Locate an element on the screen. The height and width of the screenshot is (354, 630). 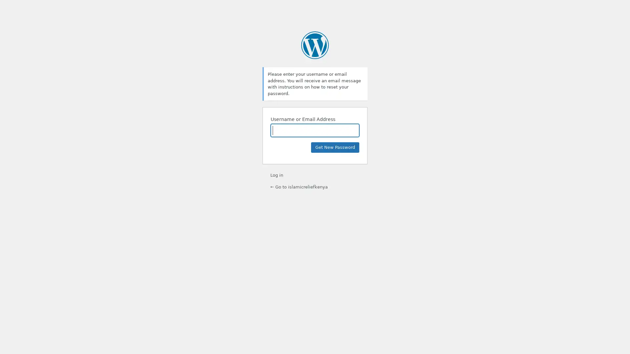
Get New Password is located at coordinates (335, 147).